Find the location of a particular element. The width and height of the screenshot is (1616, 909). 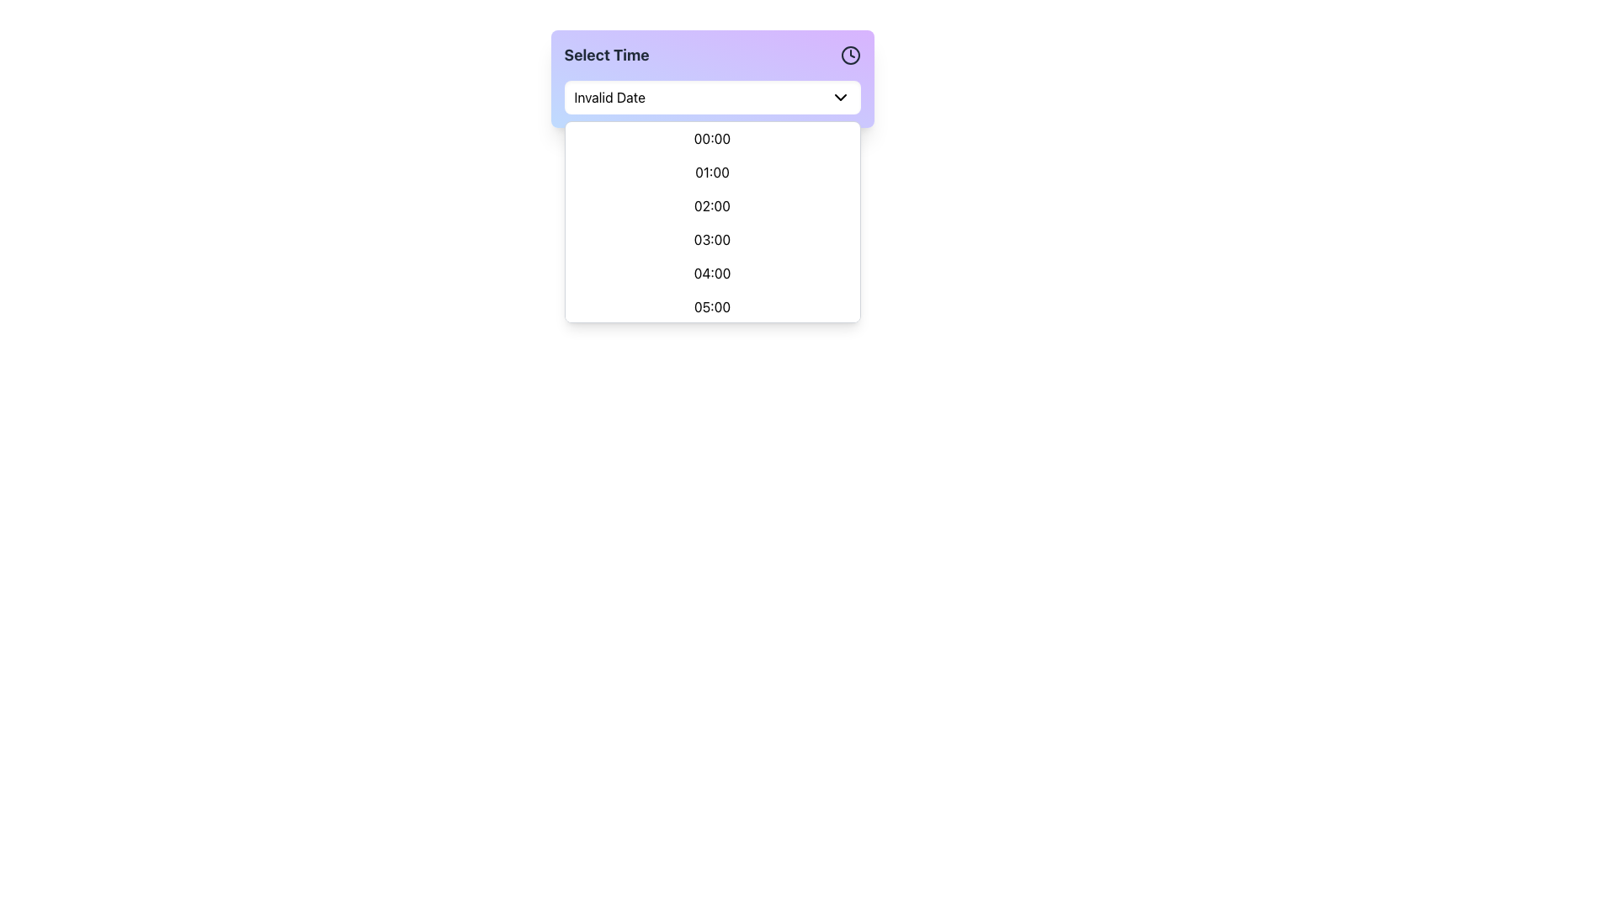

the menu item displaying the time '03:00' within the dropdown menu labeled 'Select Time' is located at coordinates (712, 240).